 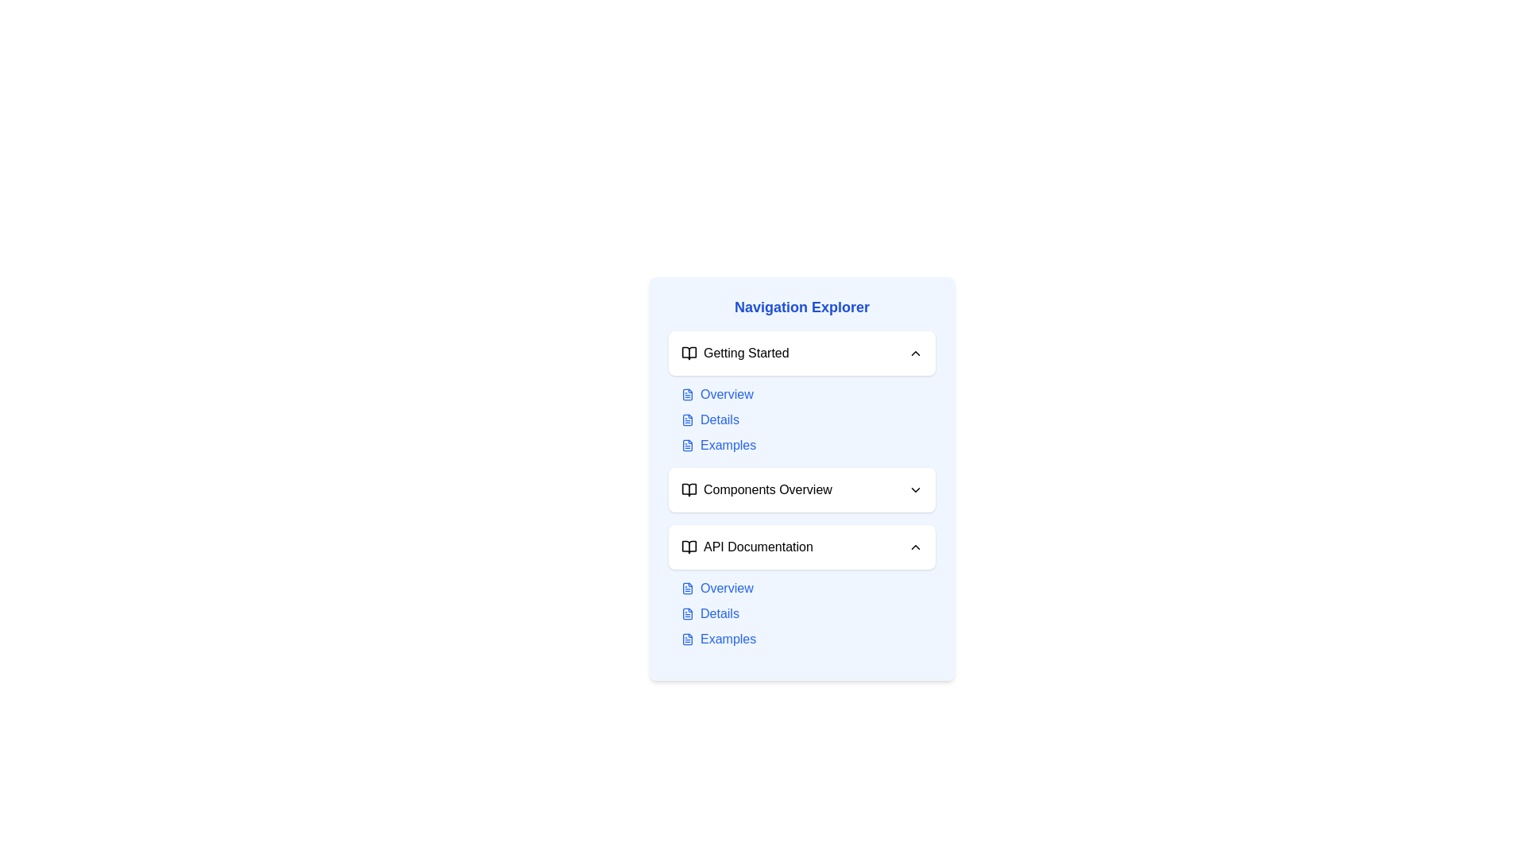 What do you see at coordinates (808, 588) in the screenshot?
I see `the 'Overview' navigational link located under the 'API Documentation' section` at bounding box center [808, 588].